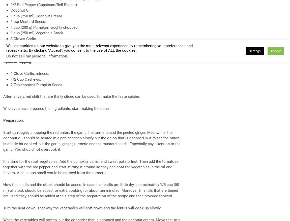  Describe the element at coordinates (82, 207) in the screenshot. I see `'Turn the heat down. That way the vegetables will soft down and the lentils will cook up slowly.'` at that location.